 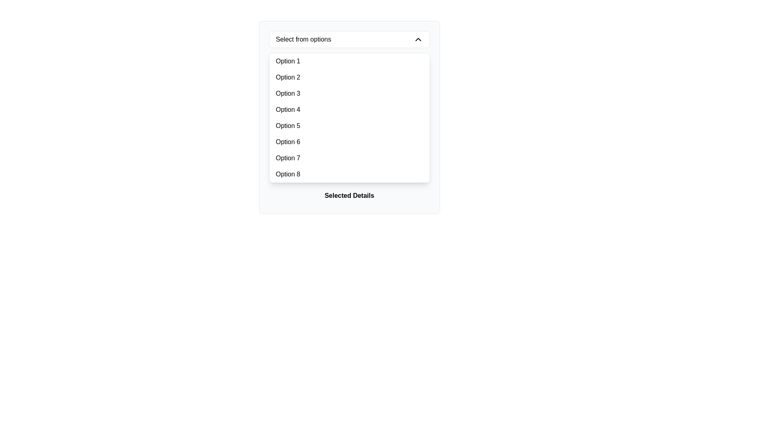 I want to click on the list item displaying 'Option 5', so click(x=349, y=126).